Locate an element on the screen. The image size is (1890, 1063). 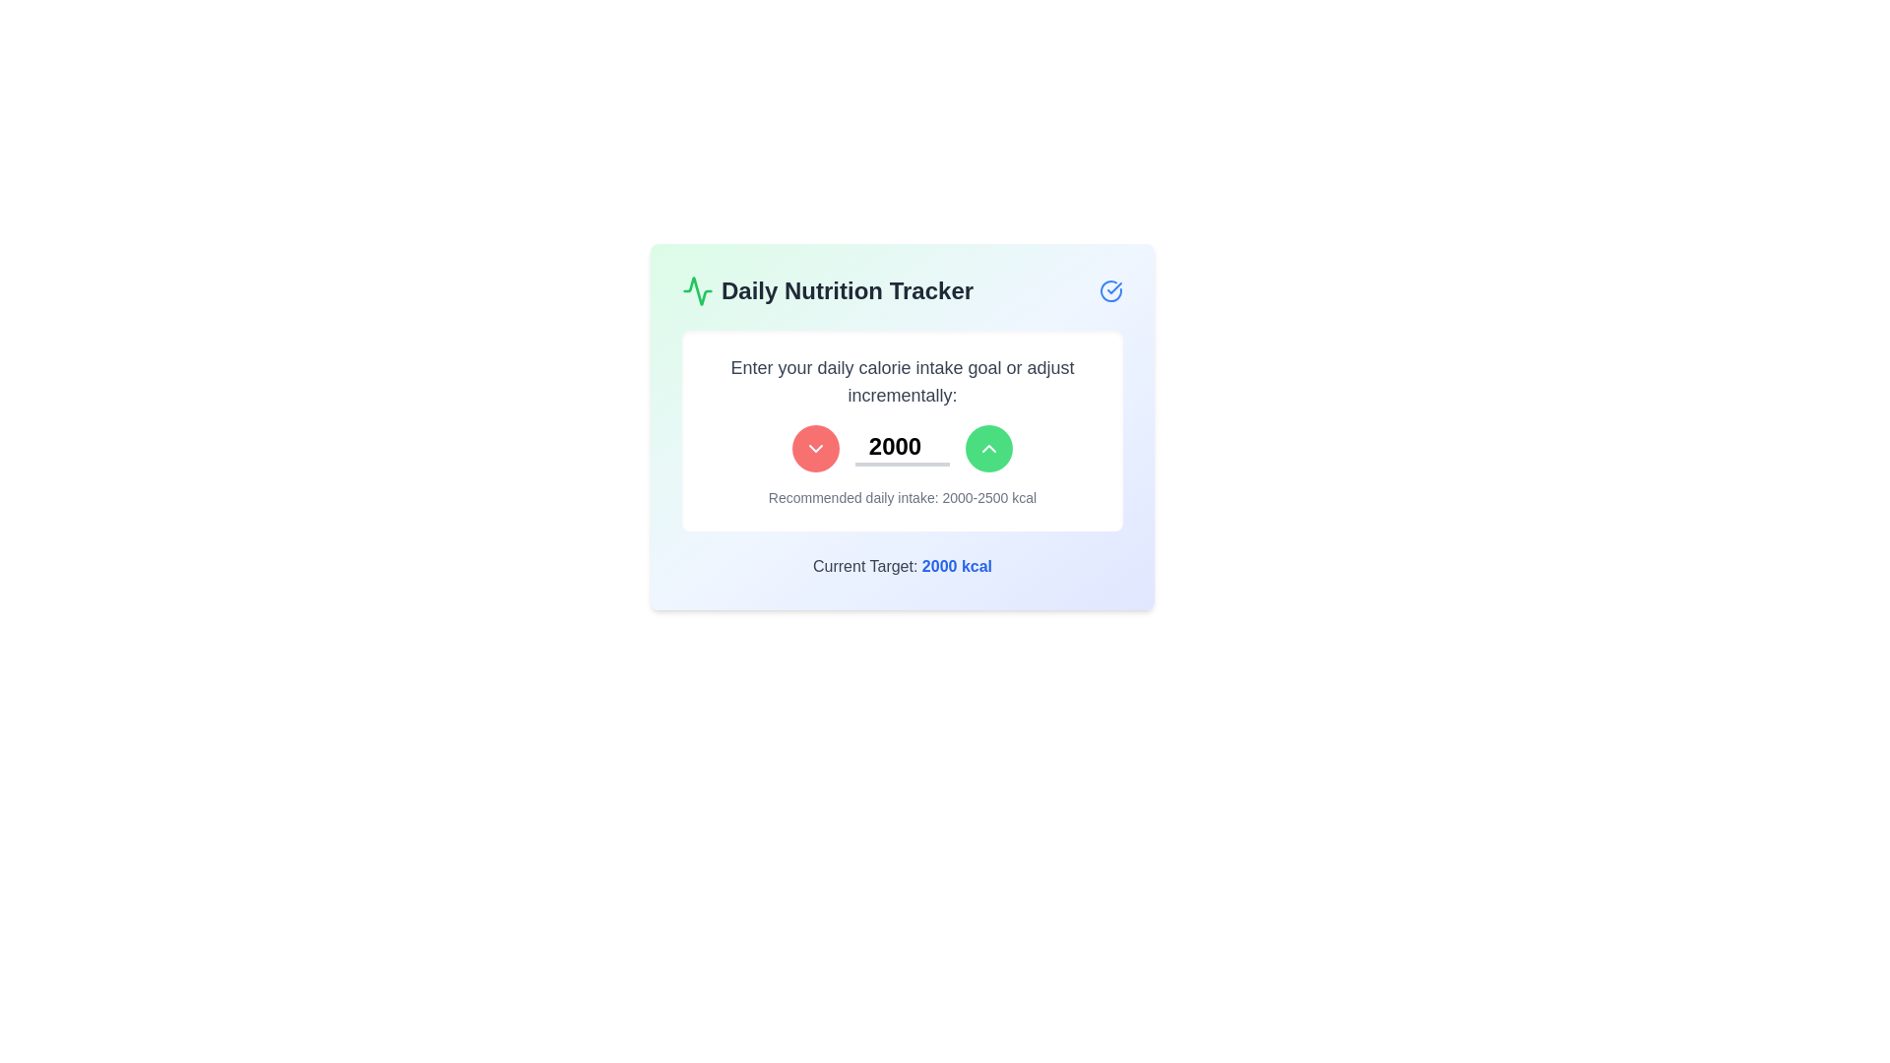
the upward-facing chevron icon styled with a green circular button, which is located to the right of the numeral display '2000' and adjacent to the red decrement button is located at coordinates (988, 448).